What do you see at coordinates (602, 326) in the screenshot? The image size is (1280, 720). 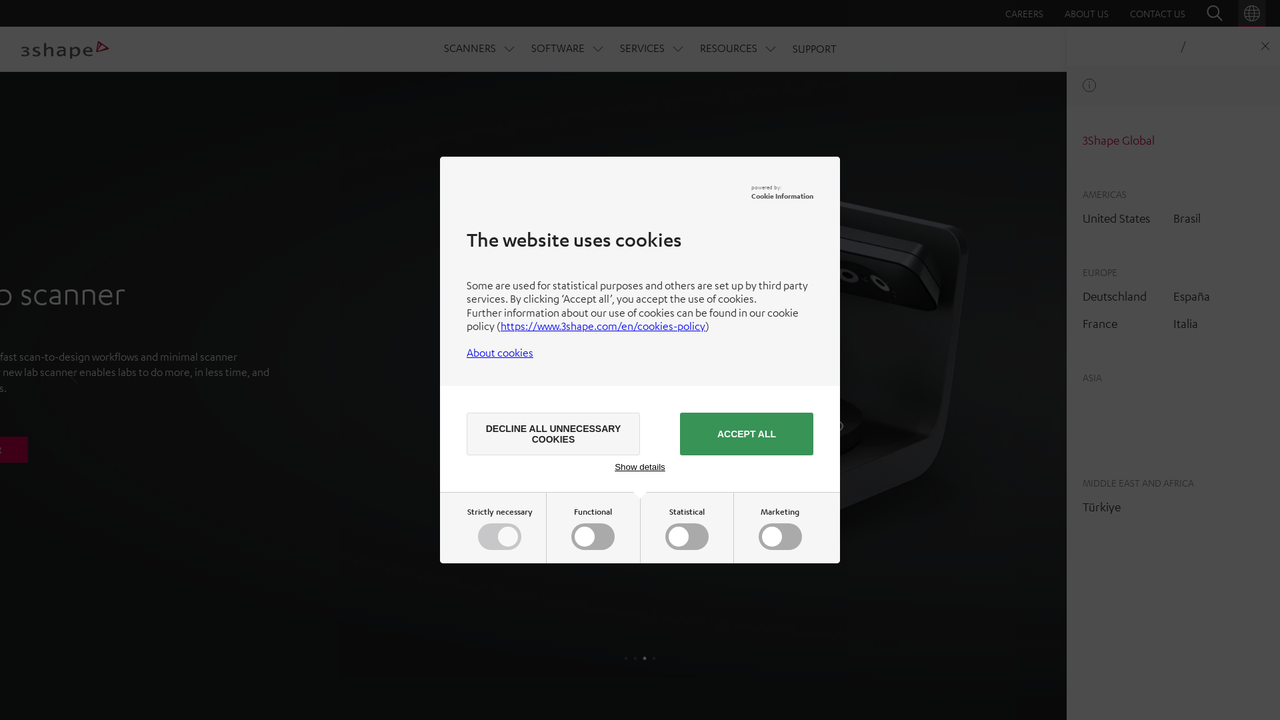 I see `'https://www.3shape.com/en/cookies-policy'` at bounding box center [602, 326].